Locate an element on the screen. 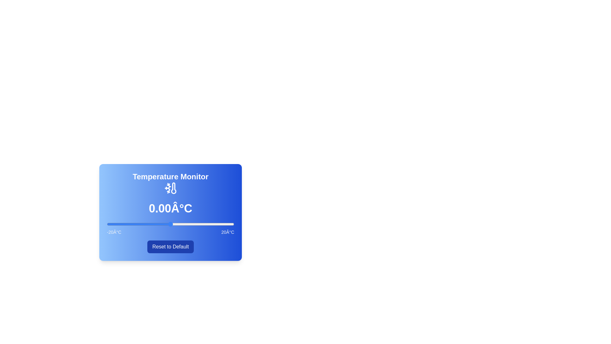 This screenshot has width=611, height=344. the thermometer icon in the header is located at coordinates (171, 188).